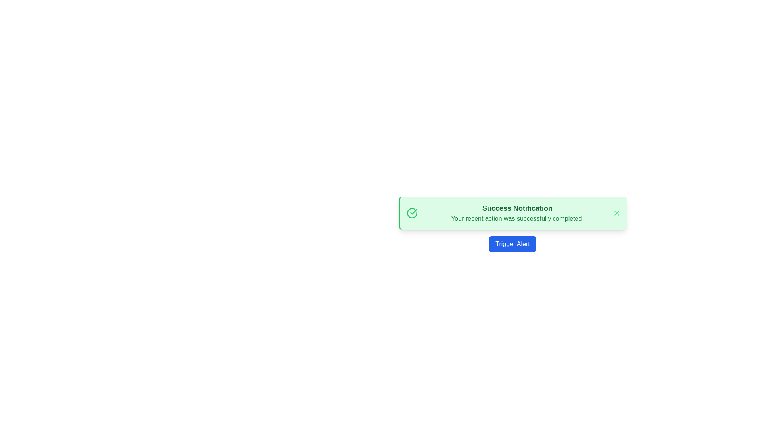 The image size is (761, 428). I want to click on bolded text content 'Success Notification' displayed prominently in a green color inside the notification box, so click(517, 208).